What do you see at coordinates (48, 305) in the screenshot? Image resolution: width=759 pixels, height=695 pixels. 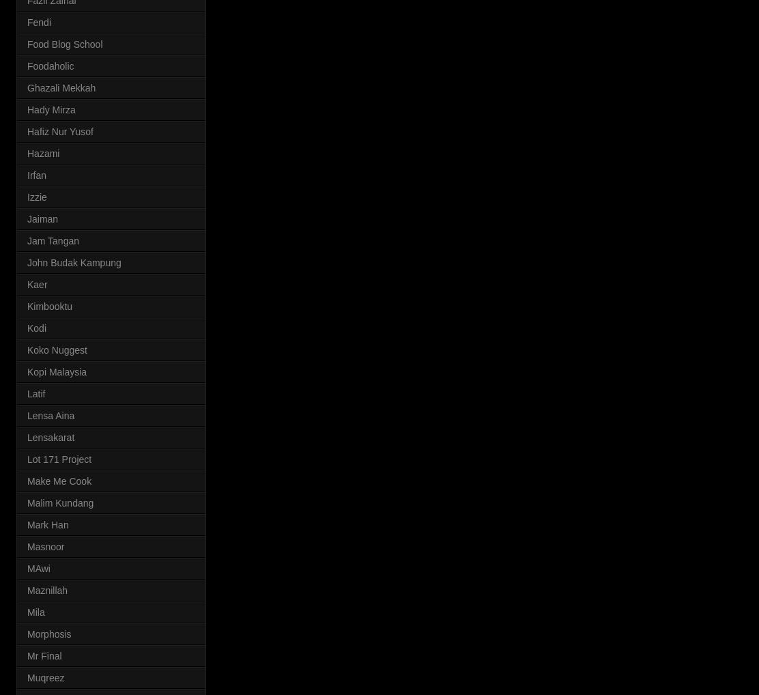 I see `'Kimbooktu'` at bounding box center [48, 305].